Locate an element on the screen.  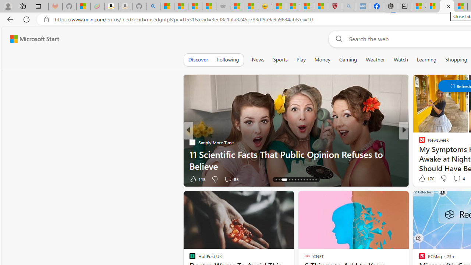
'Million Dollar Sense' is located at coordinates (419, 154).